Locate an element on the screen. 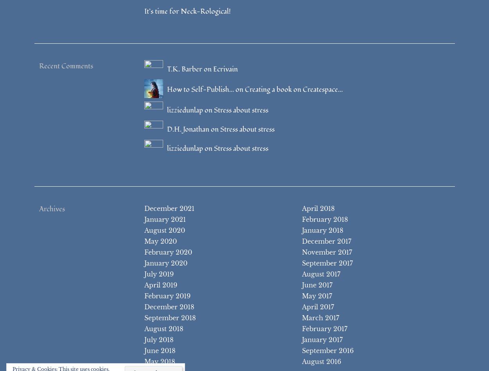  'August 2018' is located at coordinates (163, 328).